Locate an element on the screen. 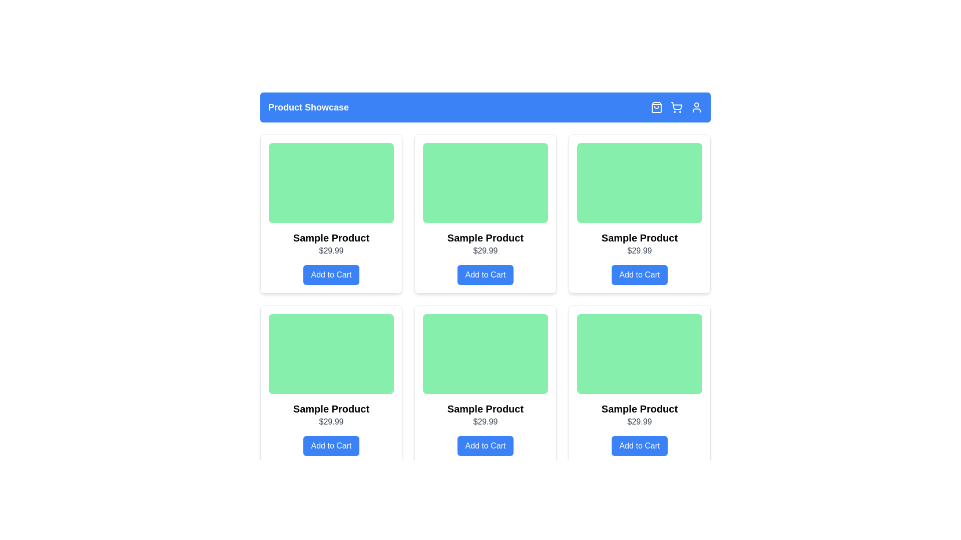 Image resolution: width=961 pixels, height=540 pixels. price displayed in the Text Label located below the 'Sample Product' title and above the 'Add to Cart' button in the product card is located at coordinates (639, 422).